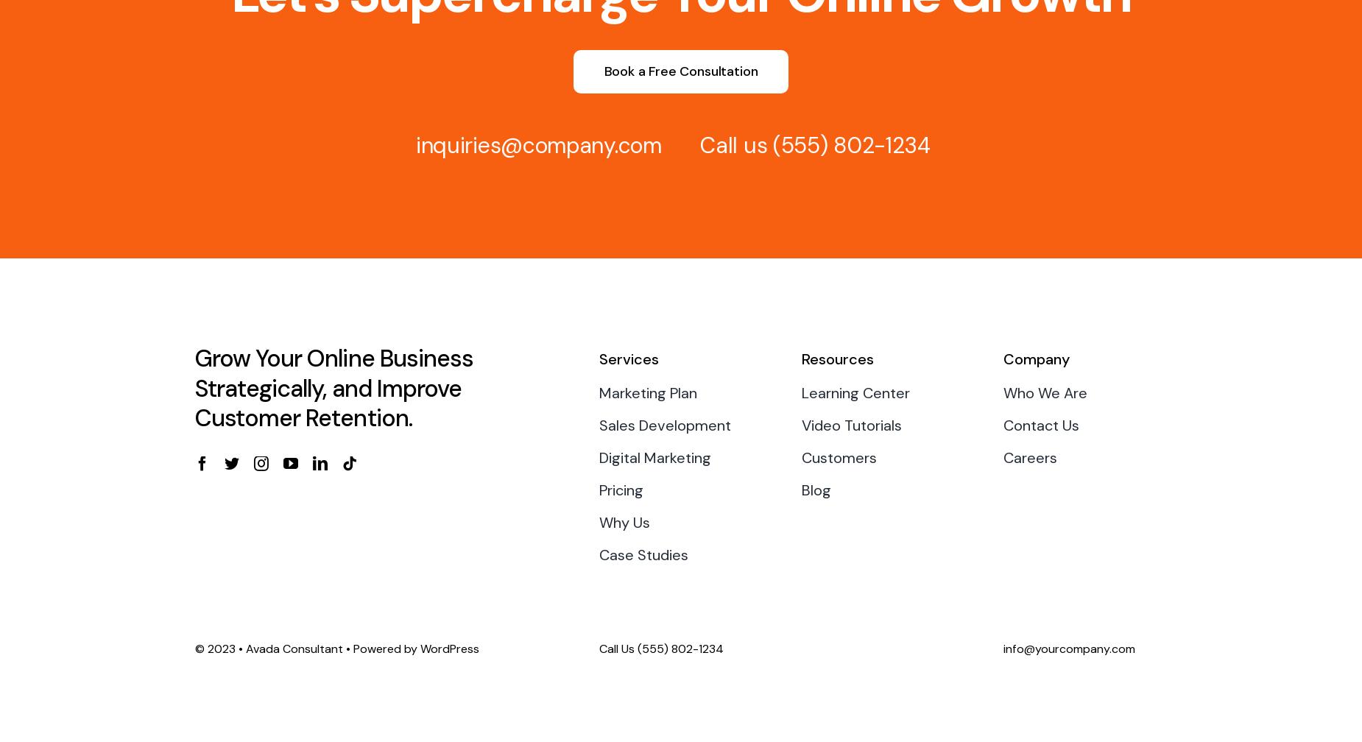  Describe the element at coordinates (838, 458) in the screenshot. I see `'Customers'` at that location.